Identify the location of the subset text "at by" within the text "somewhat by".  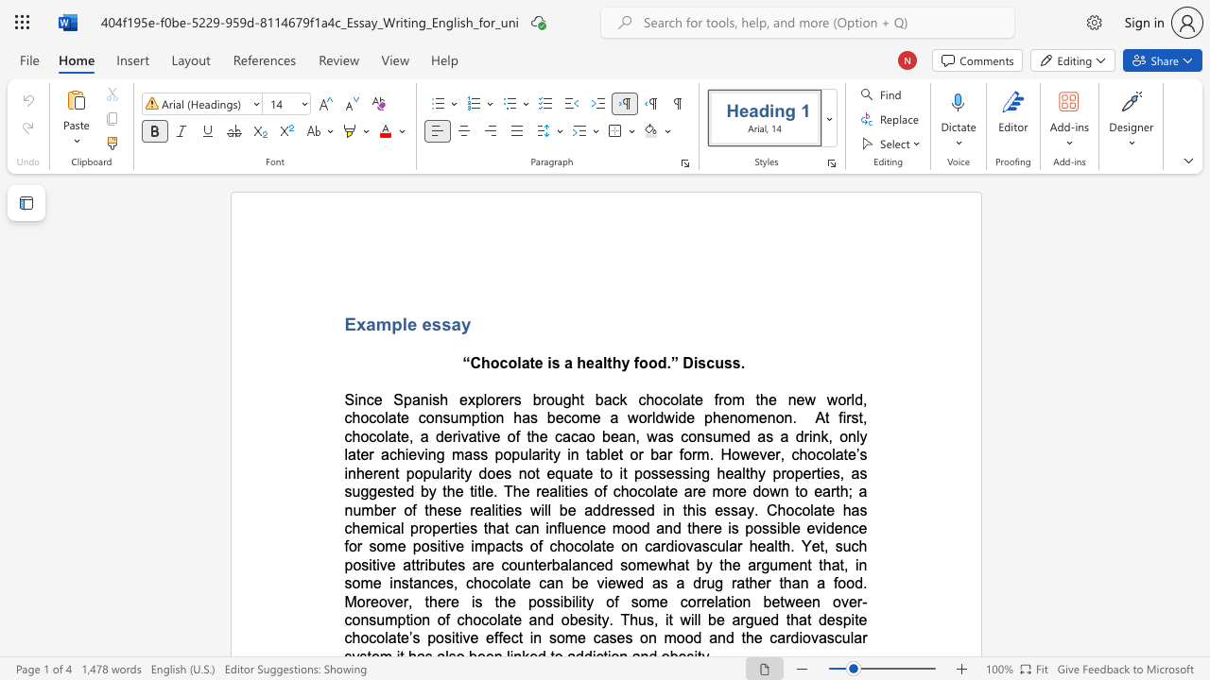
(676, 564).